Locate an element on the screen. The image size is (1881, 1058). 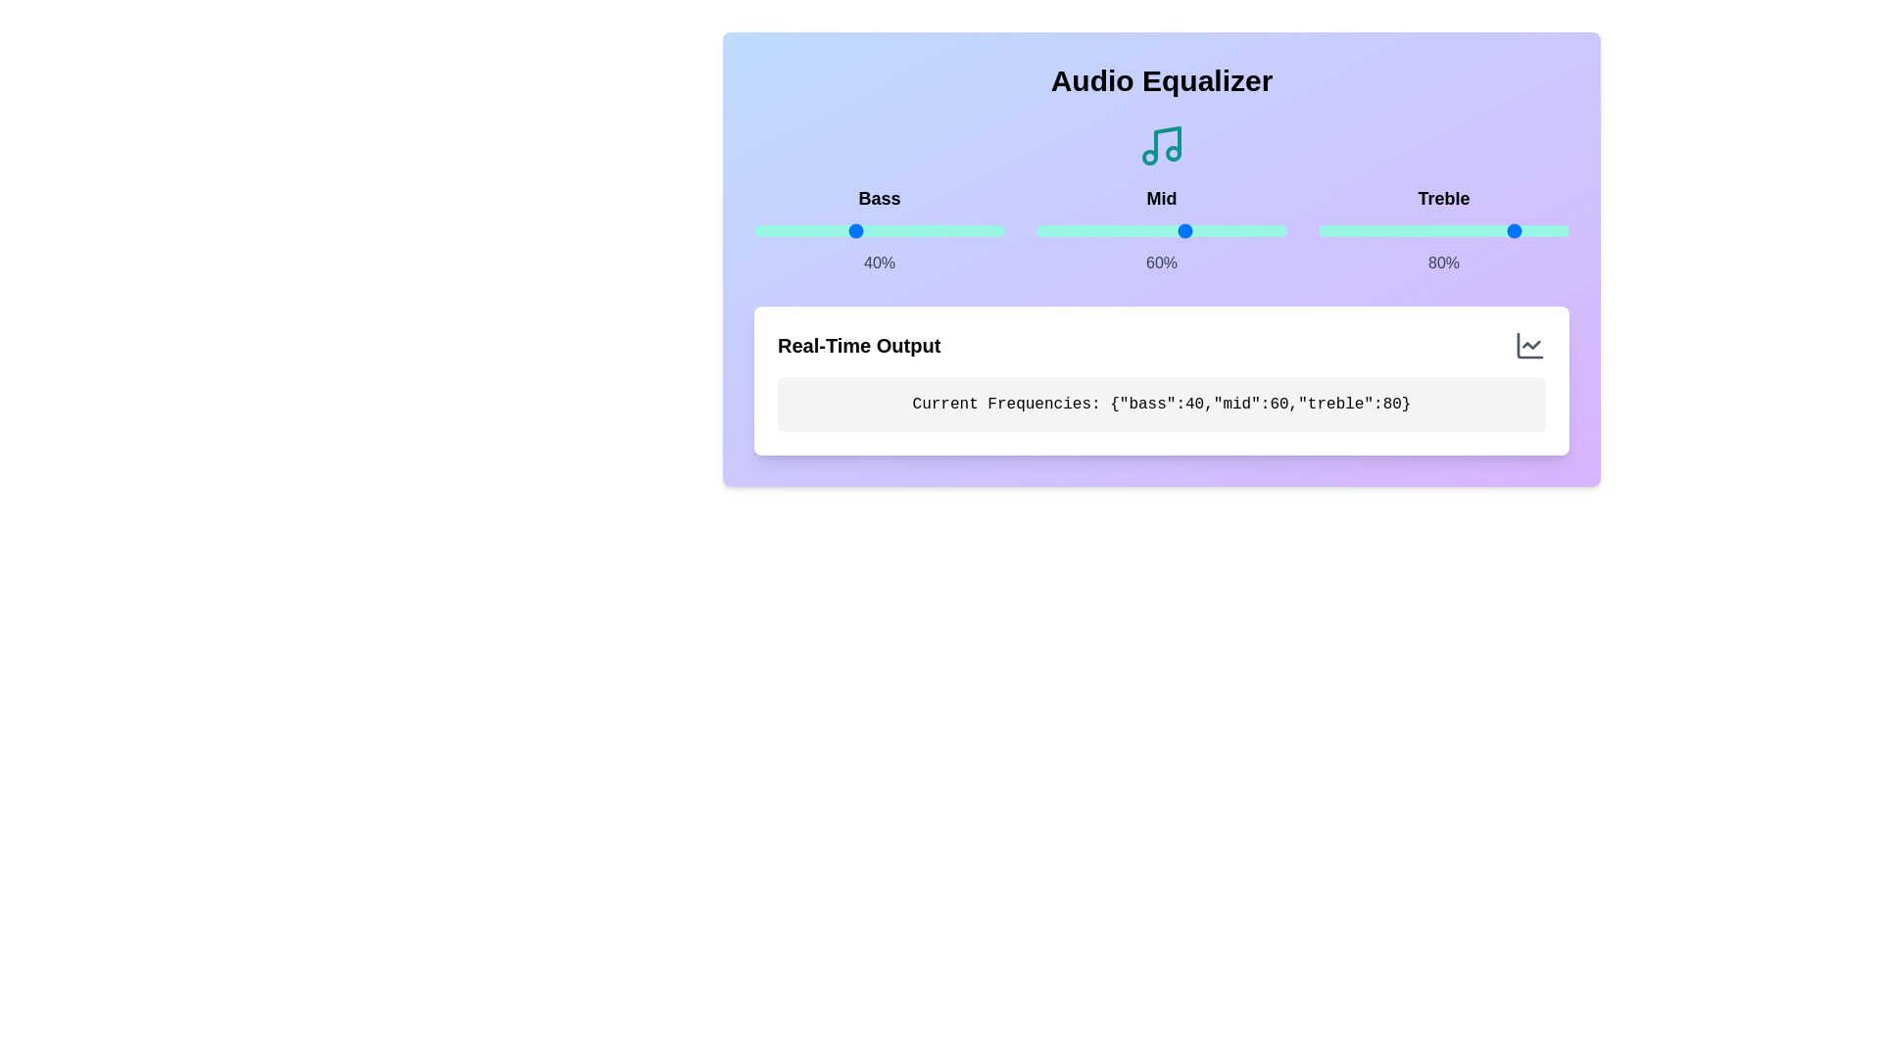
the '80%' percentage text in the Treble adjustment section of the audio equalizer interface is located at coordinates (1443, 229).